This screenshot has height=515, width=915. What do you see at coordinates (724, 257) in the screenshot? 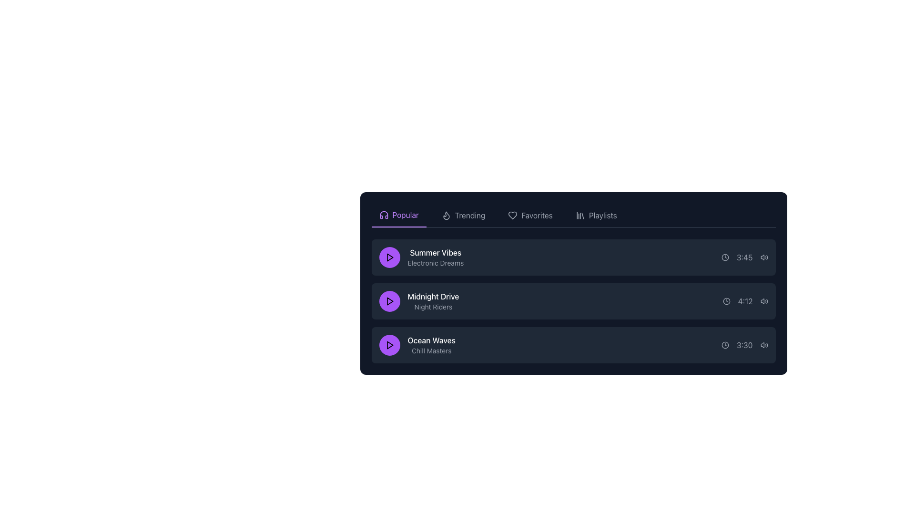
I see `the time display icon located in the first row of the interface, which symbolizes the time associated with the item listed next to it` at bounding box center [724, 257].